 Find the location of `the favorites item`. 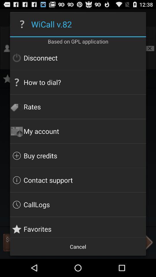

the favorites item is located at coordinates (78, 227).